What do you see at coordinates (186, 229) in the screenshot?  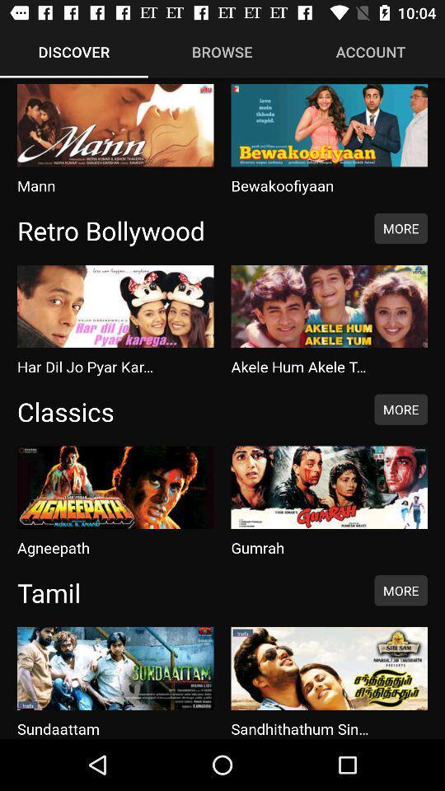 I see `retro bollywood icon` at bounding box center [186, 229].